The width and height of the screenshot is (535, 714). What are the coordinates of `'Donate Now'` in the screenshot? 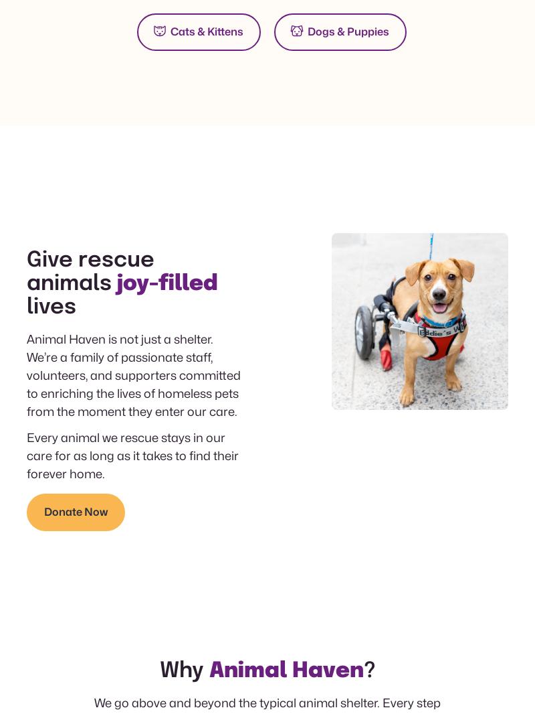 It's located at (75, 511).